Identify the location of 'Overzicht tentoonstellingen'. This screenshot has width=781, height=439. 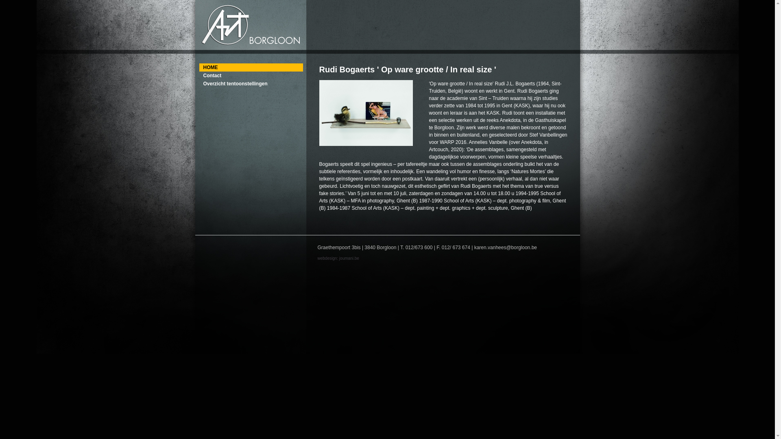
(251, 83).